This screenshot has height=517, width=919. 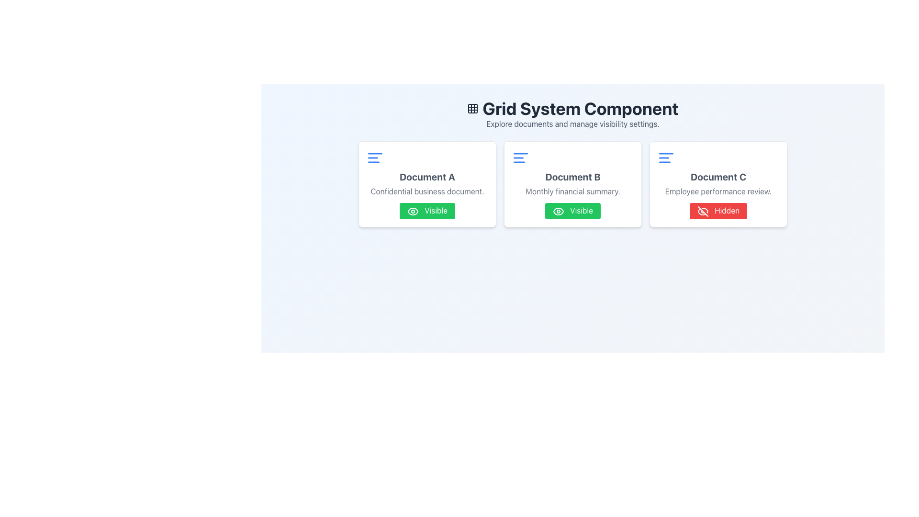 I want to click on the rectangular card labeled 'Document C' that features a white background, a heading in bold gray text, a description in lighter gray text, and a red button labeled 'Hidden' with a disabled eye icon, located on the far right of the grid layout, so click(x=718, y=184).